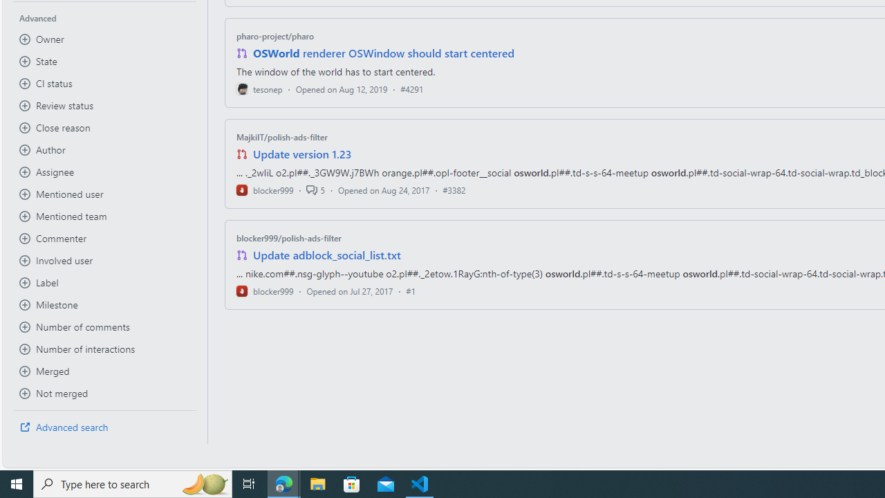 This screenshot has width=885, height=498. Describe the element at coordinates (326, 255) in the screenshot. I see `'Update adblock_social_list.txt'` at that location.